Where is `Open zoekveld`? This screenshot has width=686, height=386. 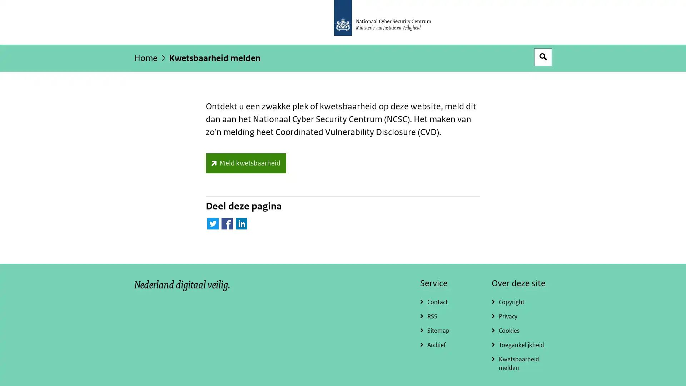 Open zoekveld is located at coordinates (543, 56).